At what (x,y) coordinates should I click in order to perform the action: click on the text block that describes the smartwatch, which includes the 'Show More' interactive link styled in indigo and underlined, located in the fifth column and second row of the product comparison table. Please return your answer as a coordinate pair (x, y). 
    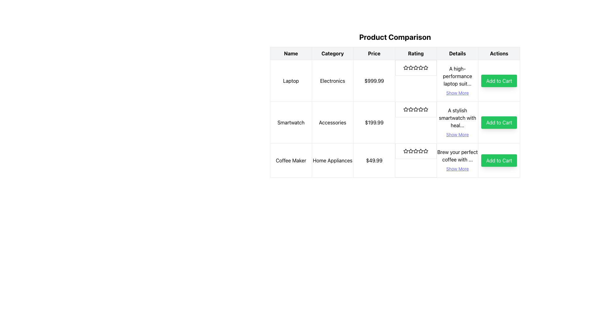
    Looking at the image, I should click on (457, 122).